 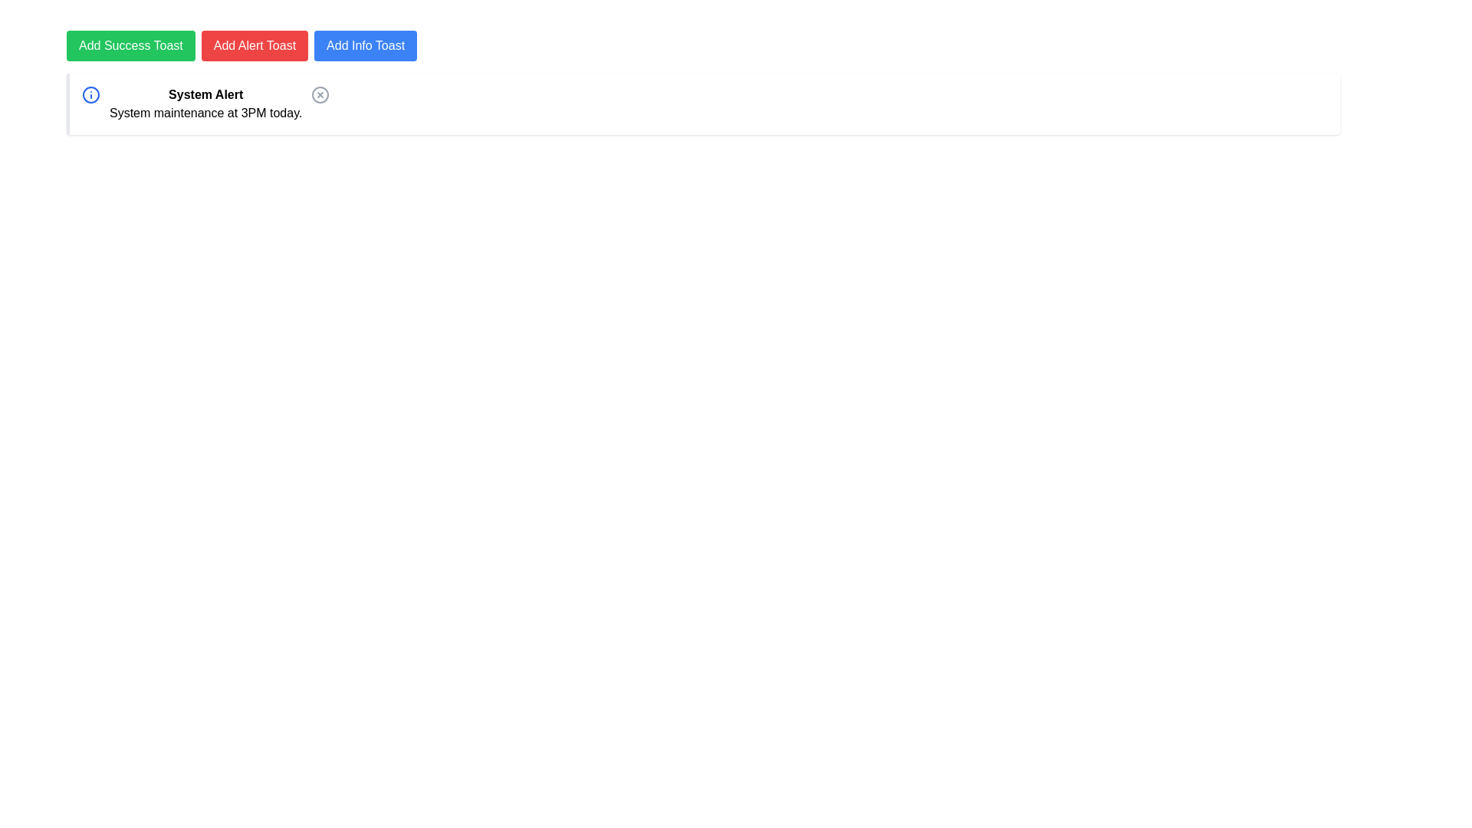 What do you see at coordinates (365, 45) in the screenshot?
I see `the third button in the group of three buttons near the top of the interface` at bounding box center [365, 45].